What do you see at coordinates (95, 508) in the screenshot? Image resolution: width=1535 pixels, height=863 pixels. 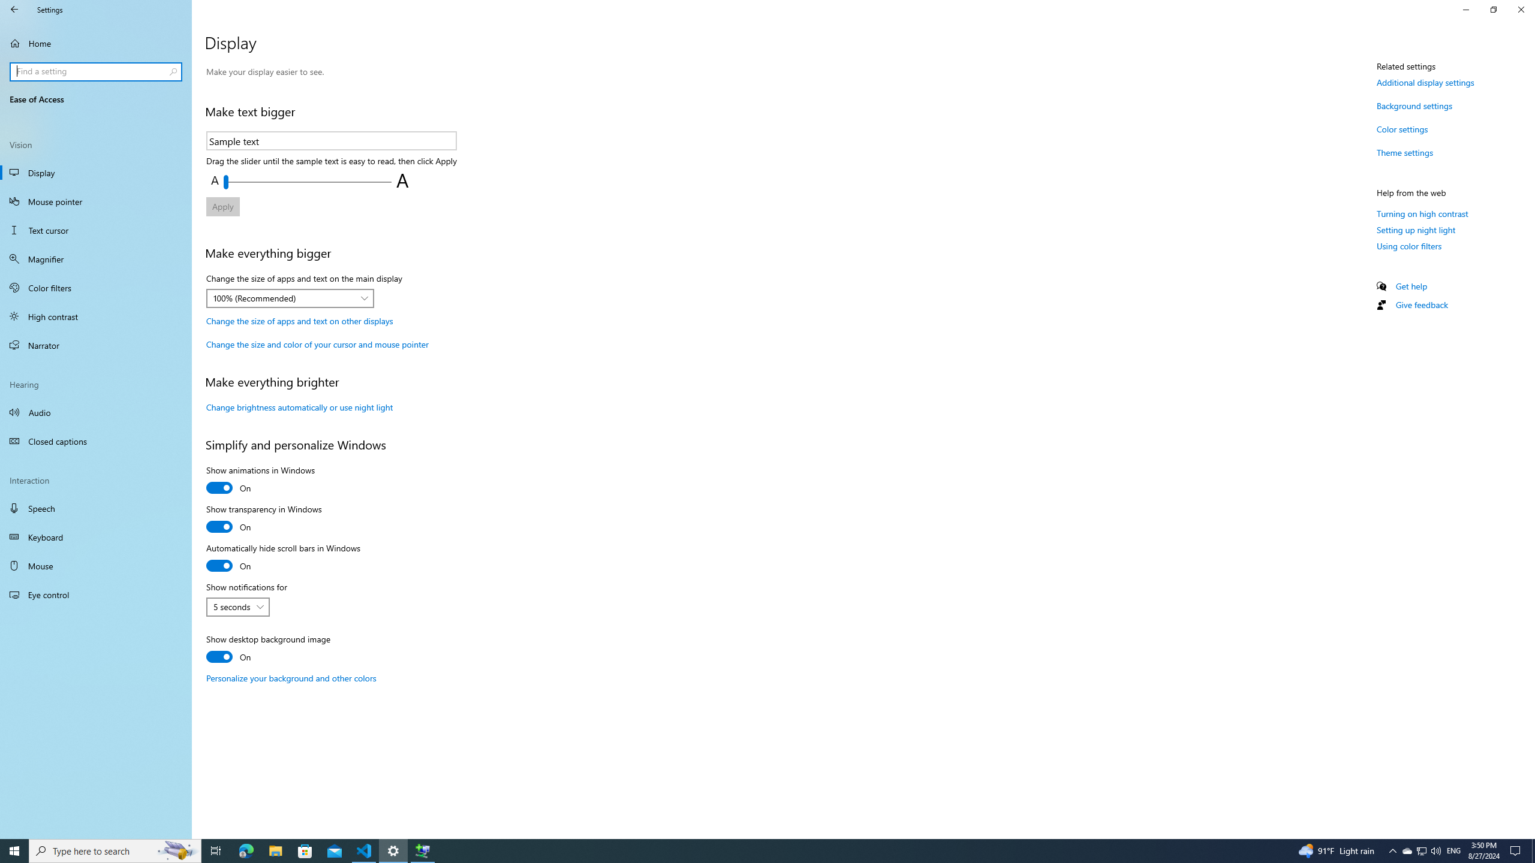 I see `'Speech'` at bounding box center [95, 508].